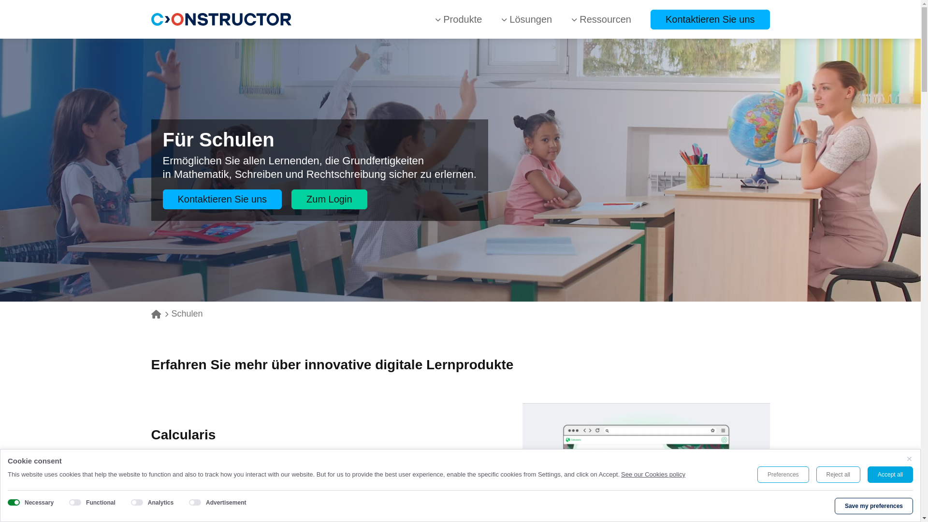 The width and height of the screenshot is (928, 522). Describe the element at coordinates (571, 19) in the screenshot. I see `'Ressourcen'` at that location.